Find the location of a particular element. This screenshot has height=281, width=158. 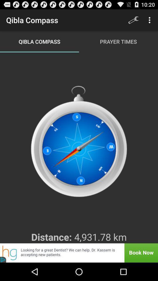

advertising is located at coordinates (79, 253).